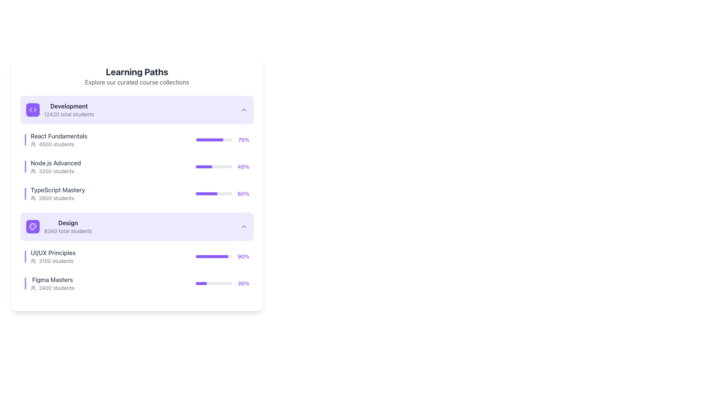 The width and height of the screenshot is (719, 404). I want to click on the upward-pointing chevron icon, so click(244, 226).